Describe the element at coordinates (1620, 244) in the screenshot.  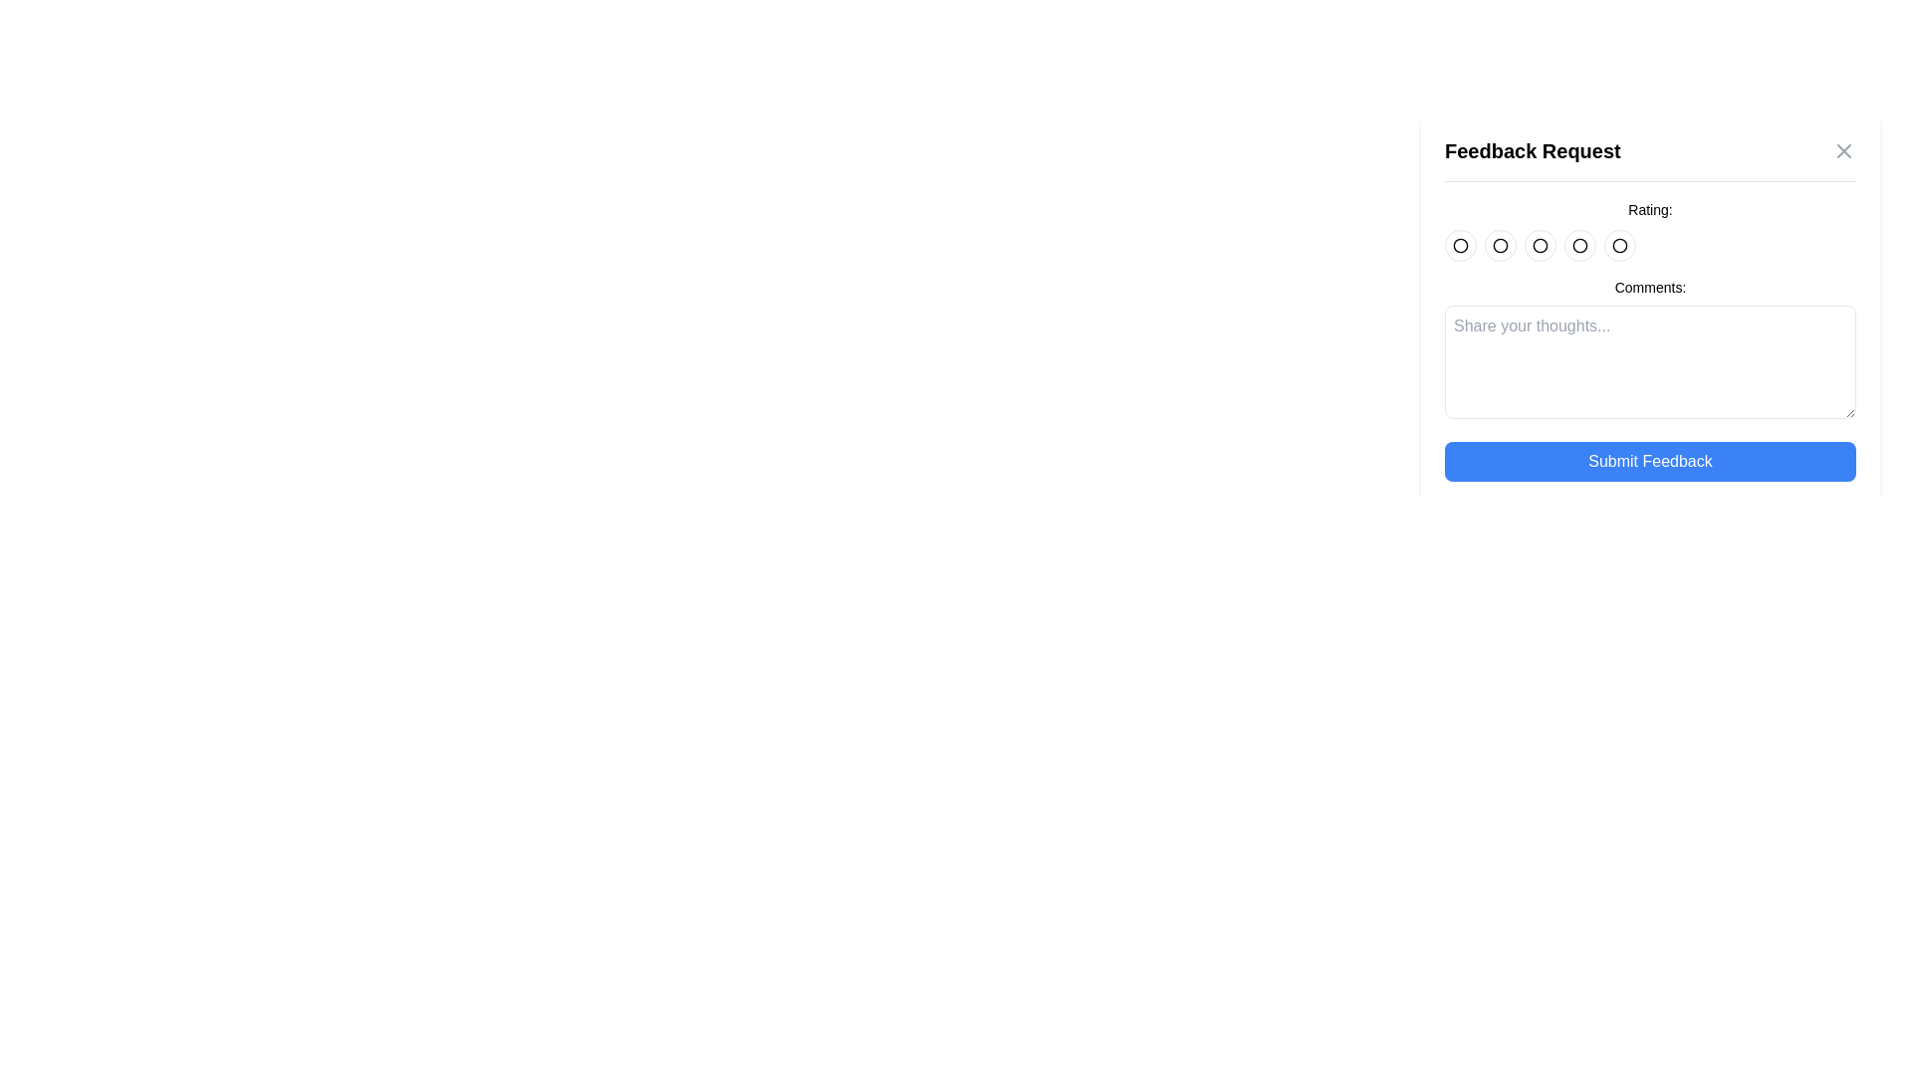
I see `the fourth radio button styled as an icon under the 'Rating:' label in the feedback form modal` at that location.